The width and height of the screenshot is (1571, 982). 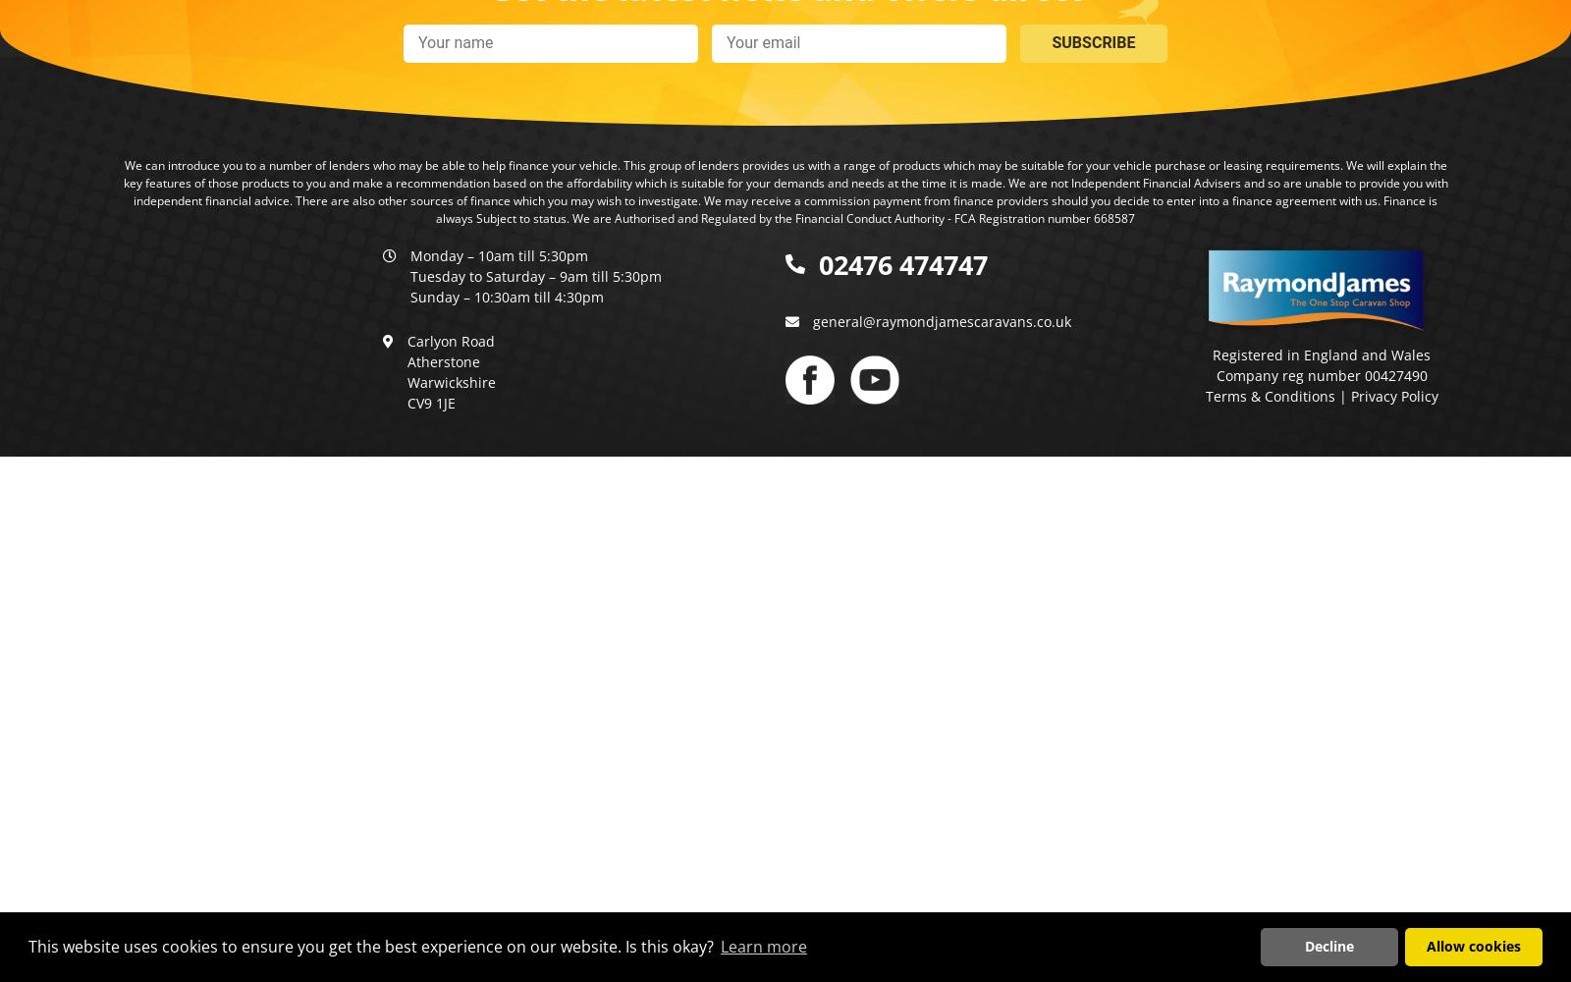 What do you see at coordinates (450, 339) in the screenshot?
I see `'Carlyon Road'` at bounding box center [450, 339].